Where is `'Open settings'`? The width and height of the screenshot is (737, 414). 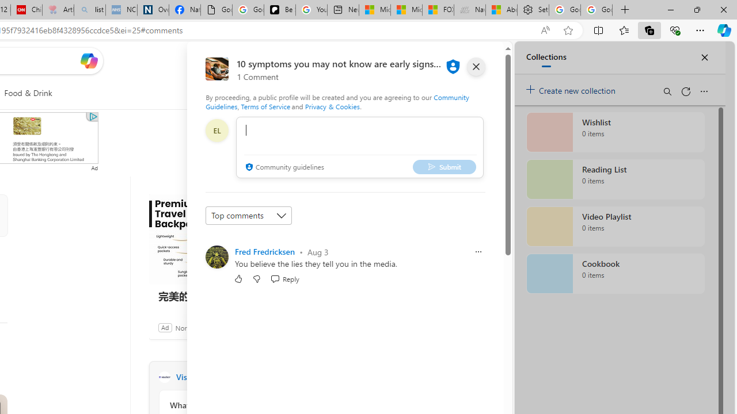
'Open settings' is located at coordinates (478, 60).